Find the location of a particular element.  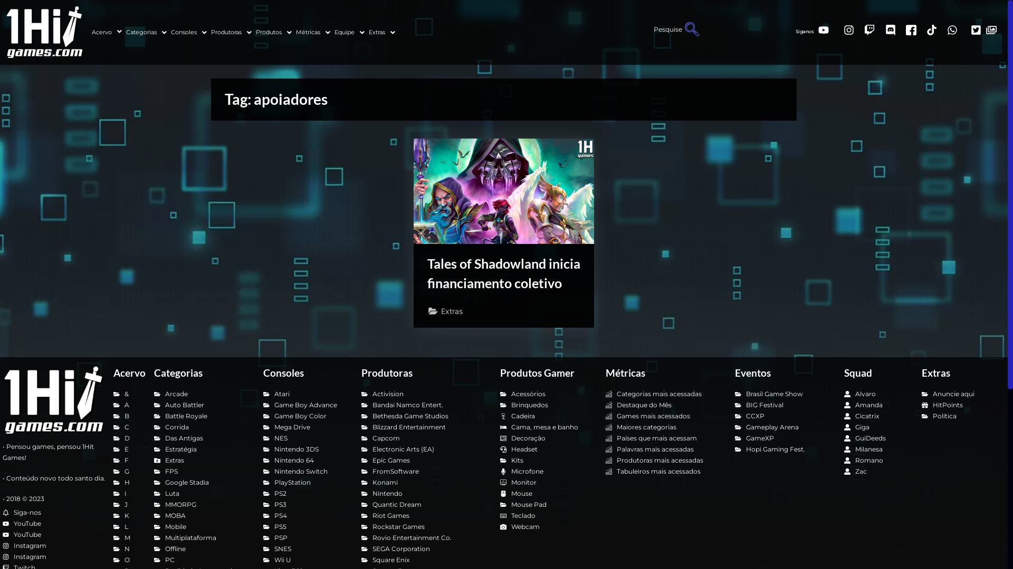

'Tales of Shadowland inicia financiamento coletivo' is located at coordinates (503, 273).